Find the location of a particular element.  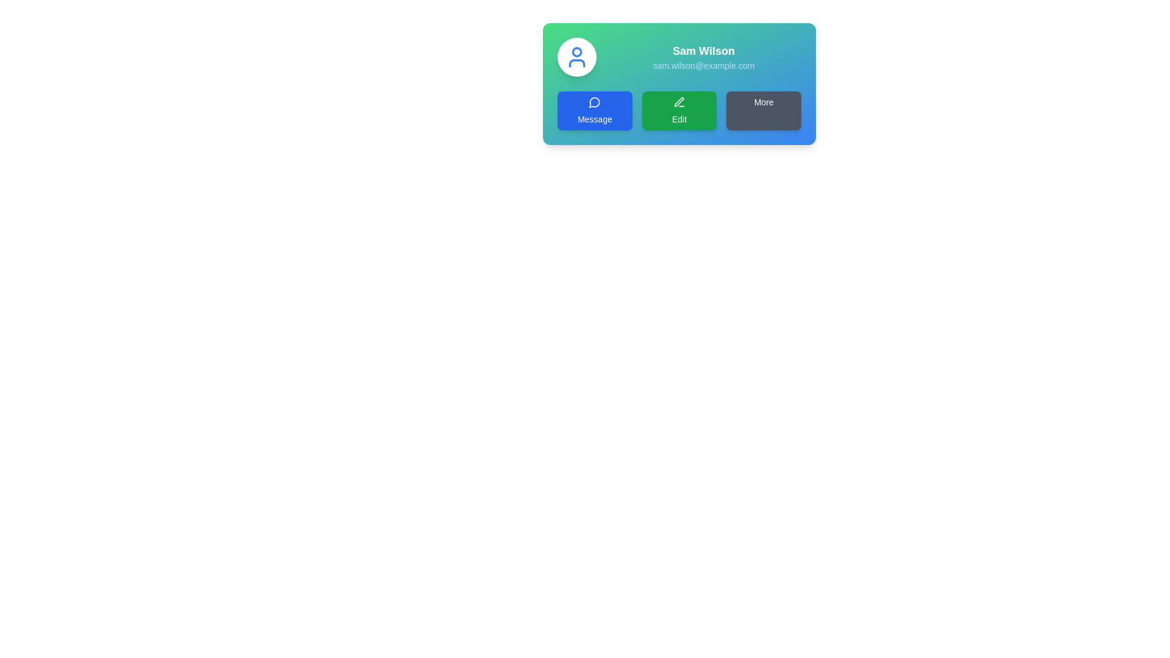

the 'Edit' icon located at the center of the 'Edit' button in the horizontal row of buttons below the user information section to initiate the edit action is located at coordinates (678, 102).